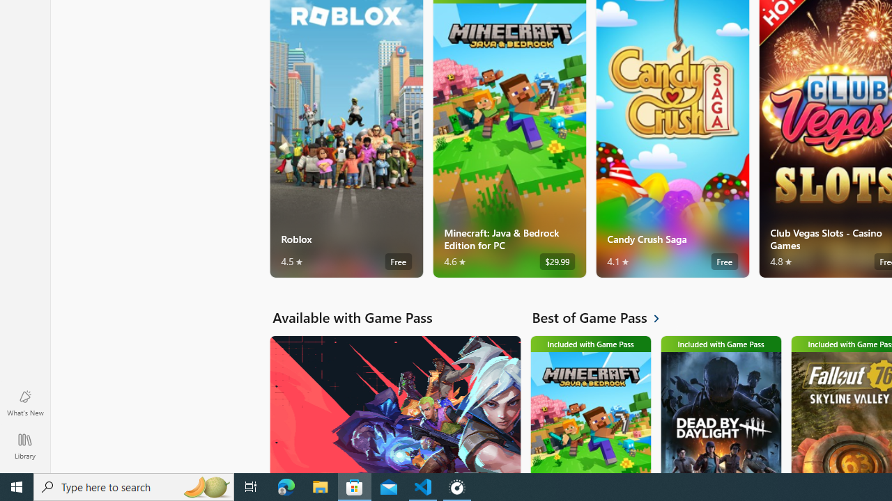  What do you see at coordinates (24, 402) in the screenshot?
I see `'What'` at bounding box center [24, 402].